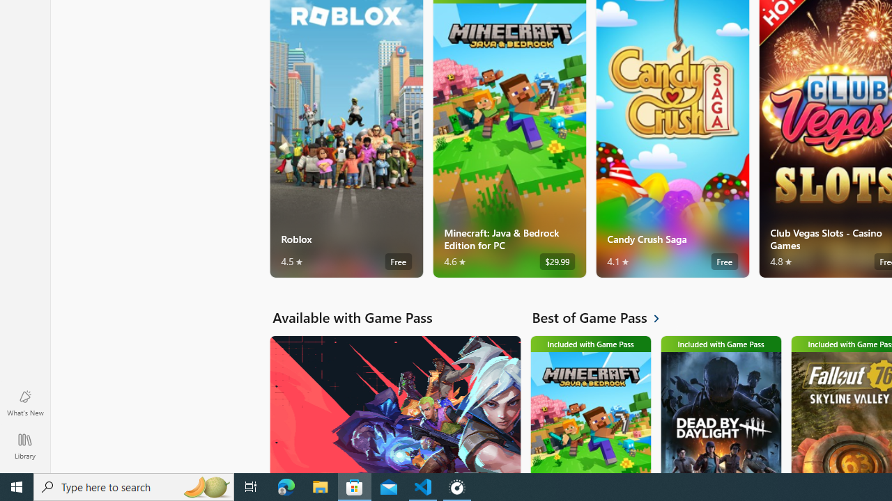  What do you see at coordinates (24, 402) in the screenshot?
I see `'What'` at bounding box center [24, 402].